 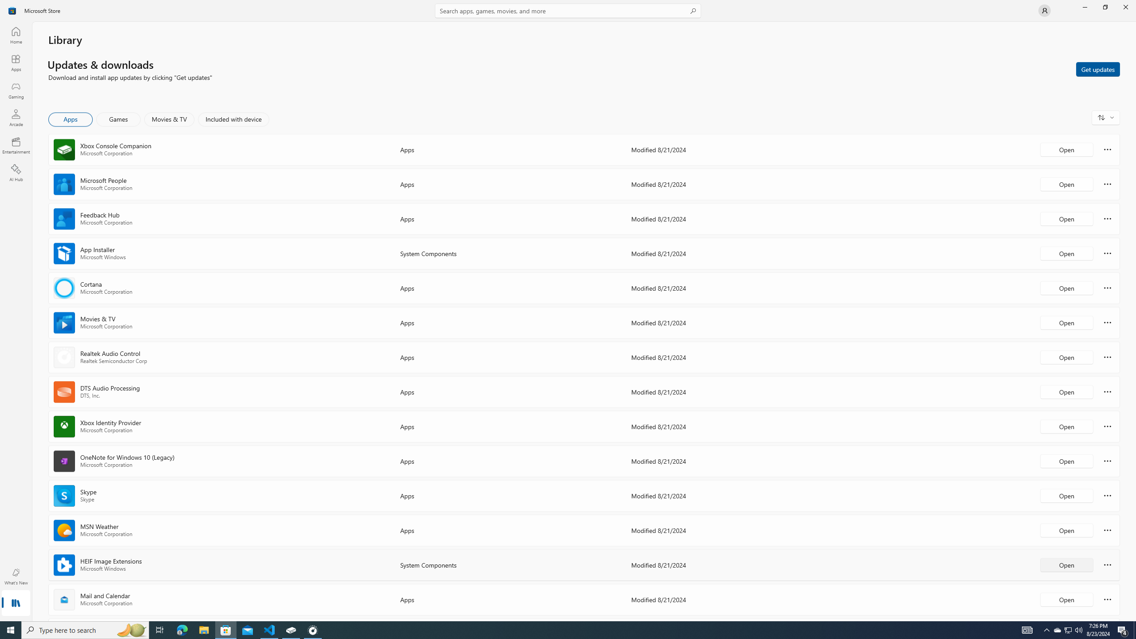 I want to click on 'AI Hub', so click(x=15, y=172).